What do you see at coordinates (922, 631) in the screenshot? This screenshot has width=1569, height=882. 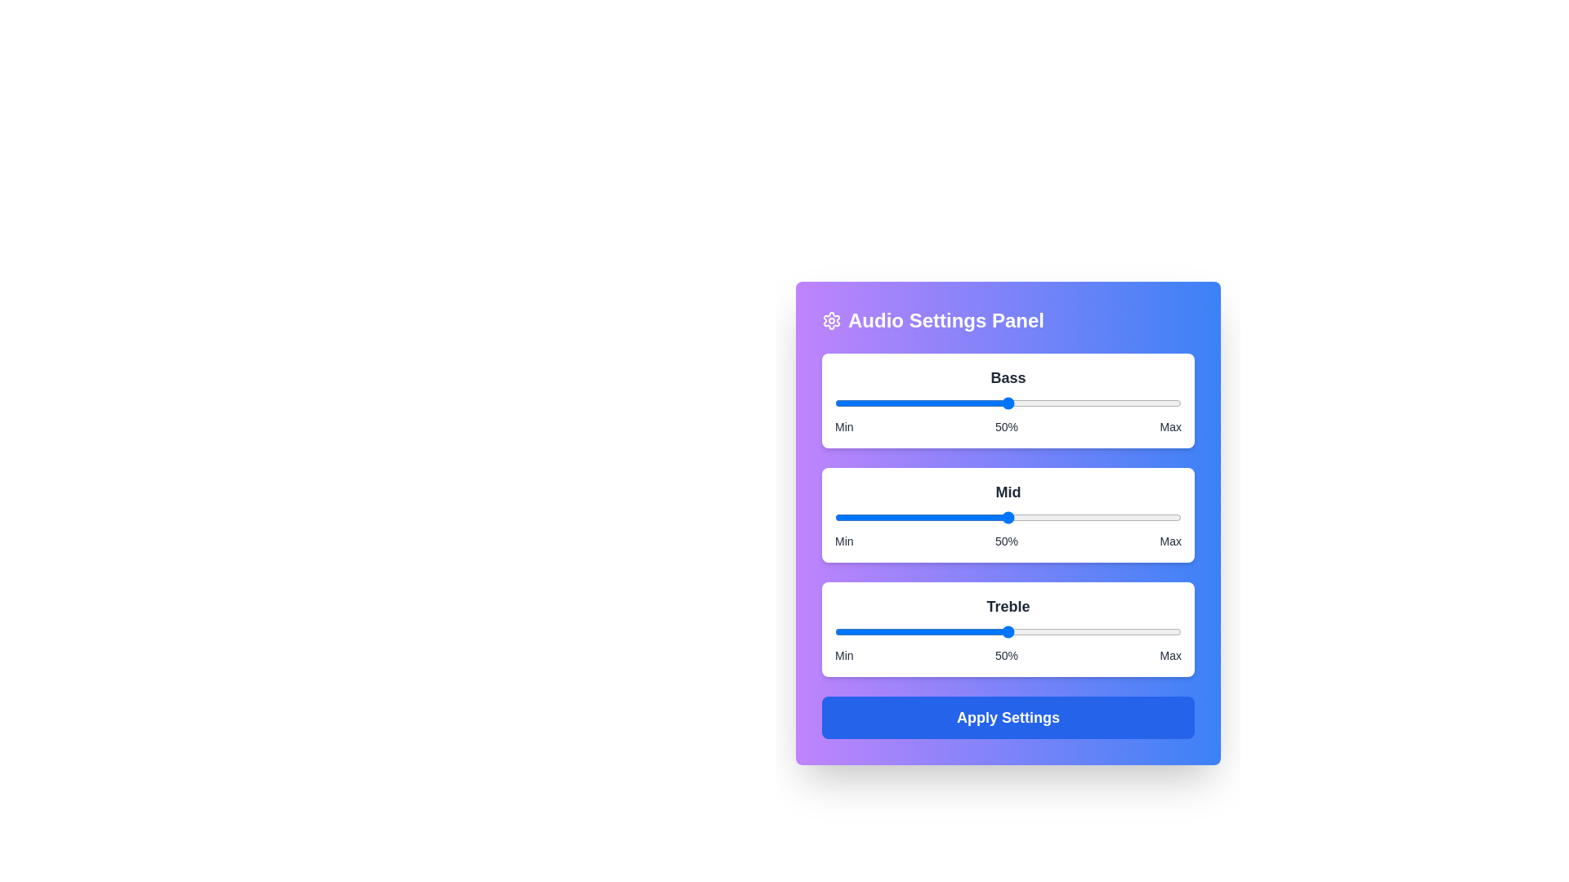 I see `the treble level` at bounding box center [922, 631].